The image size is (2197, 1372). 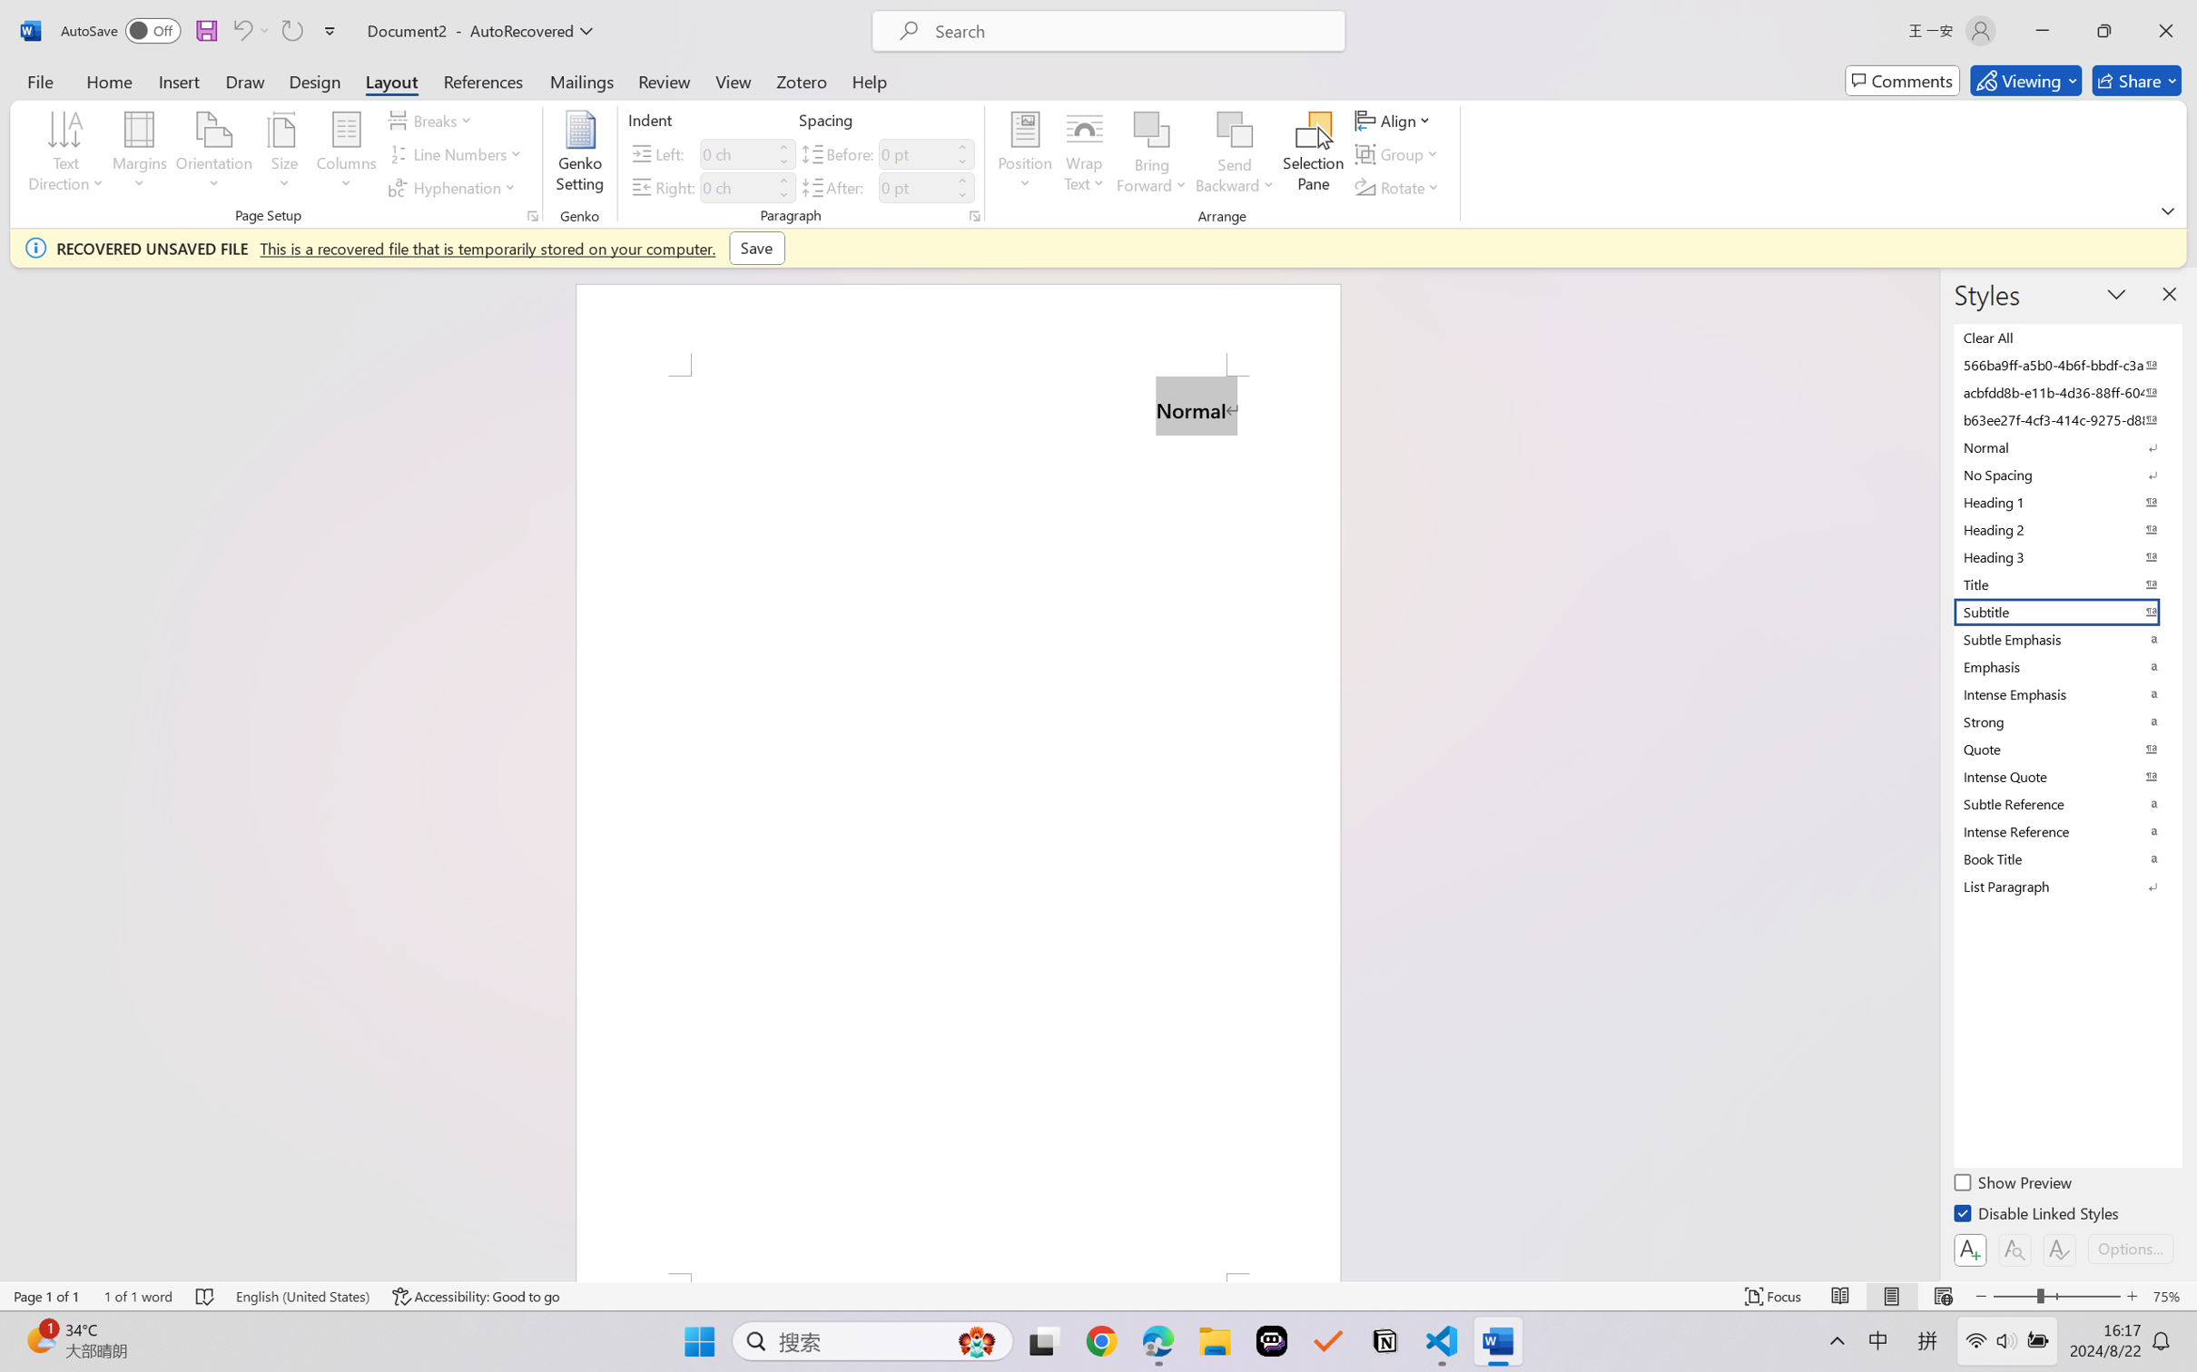 What do you see at coordinates (347, 154) in the screenshot?
I see `'Columns'` at bounding box center [347, 154].